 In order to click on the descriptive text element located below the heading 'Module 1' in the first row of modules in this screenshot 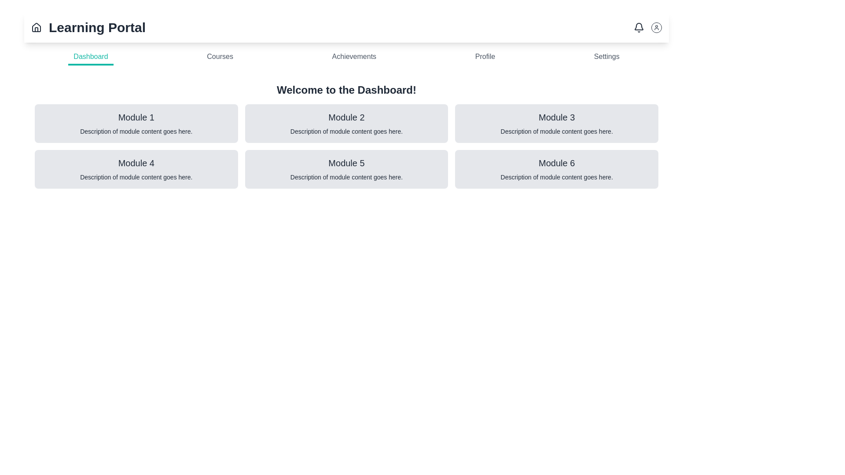, I will do `click(136, 132)`.